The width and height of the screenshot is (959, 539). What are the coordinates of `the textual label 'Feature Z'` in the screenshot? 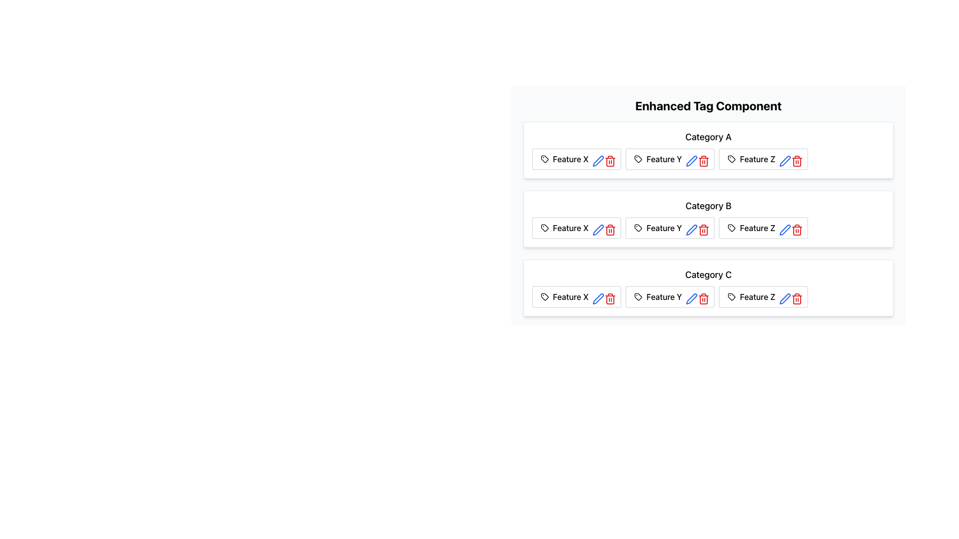 It's located at (757, 228).